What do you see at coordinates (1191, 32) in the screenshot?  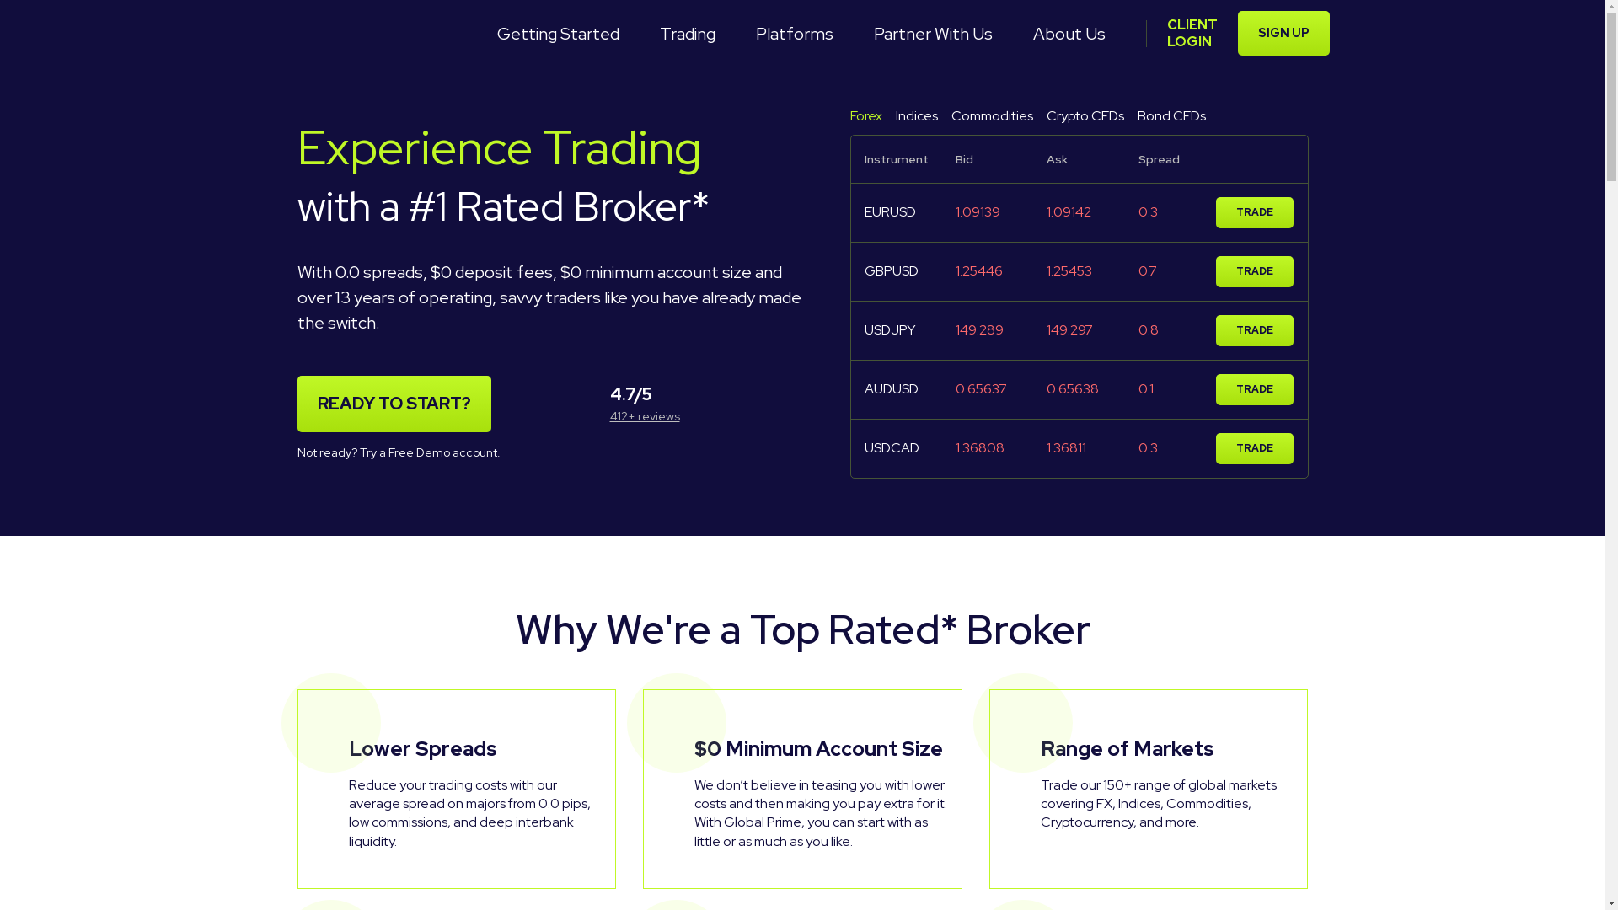 I see `'CLIENT LOGIN'` at bounding box center [1191, 32].